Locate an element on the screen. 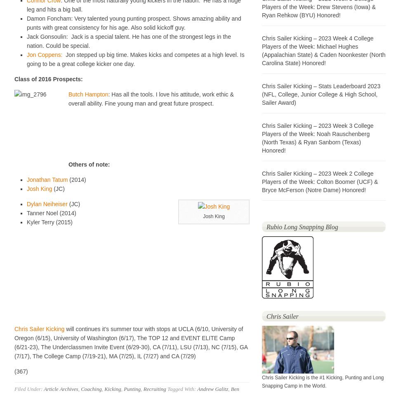 This screenshot has width=396, height=395. 'will continues it’s summer tour with stops at UCLA (6/10, University of Oregon (6/15), University of Washington (6/17), The TOP 12 and EVENT ELITE Camp (6/21-23), The Underclassmen Invite Event (6/29-30), CA (7/11), LSU (7/13), NC (7/15), GA (7/17), The College Camp (7/19-21), MA (7/25), IL (7/27) and CA (7/29)' is located at coordinates (131, 342).